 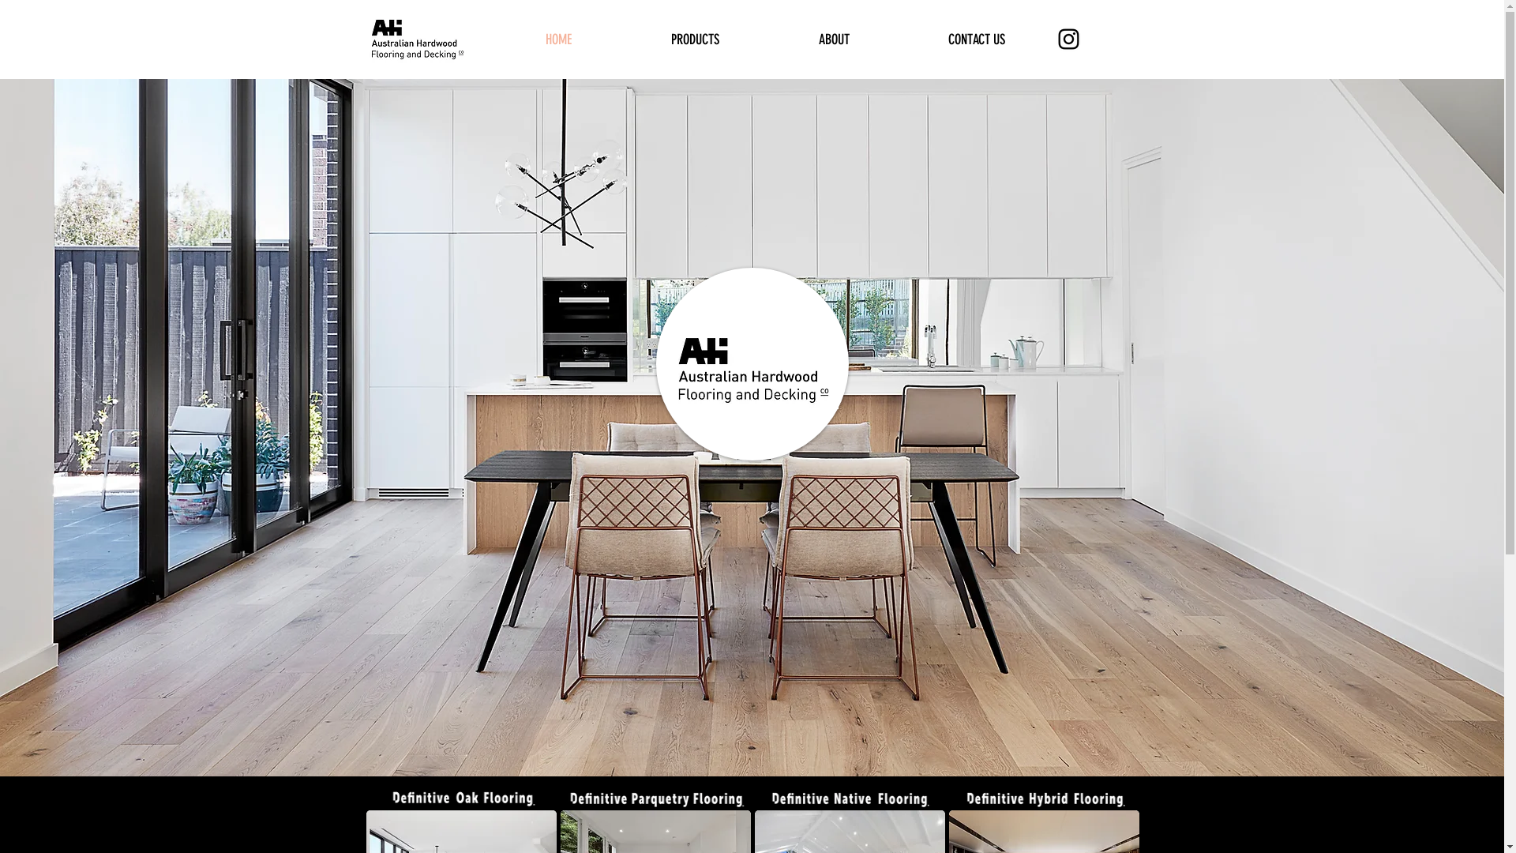 I want to click on 'Definitive Oak Flooring_Light_Text.png', so click(x=460, y=798).